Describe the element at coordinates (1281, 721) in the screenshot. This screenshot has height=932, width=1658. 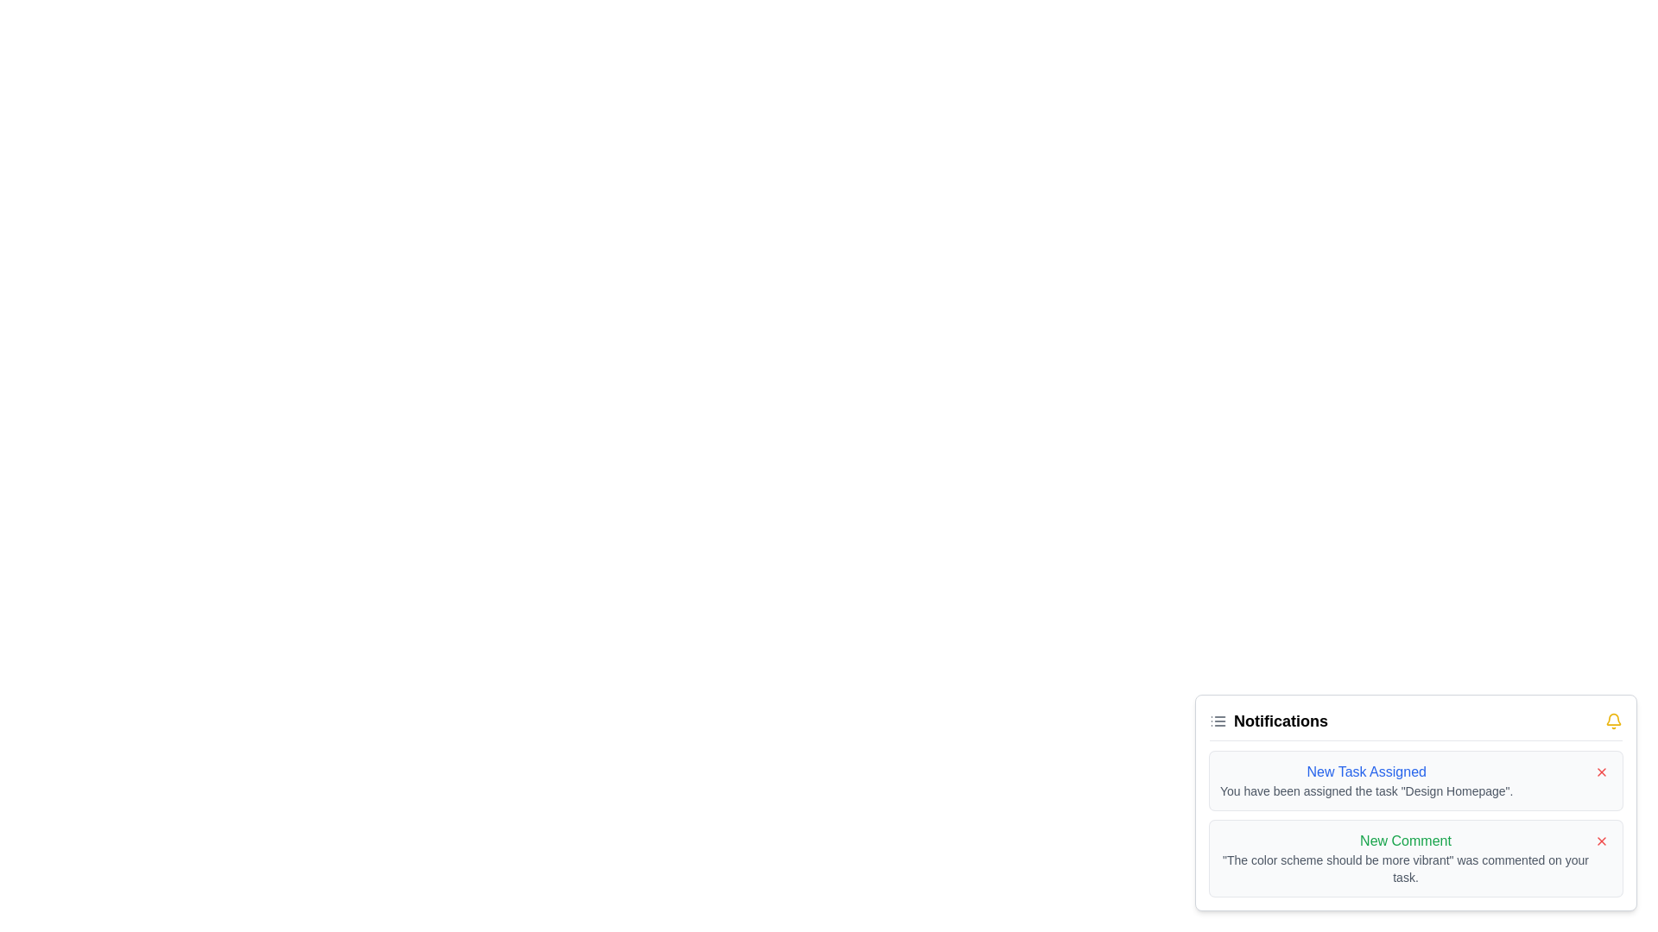
I see `the Text Label that serves as a header for the notifications area, located in the dropdown area near the top, immediately to the right of the list icon indicator` at that location.